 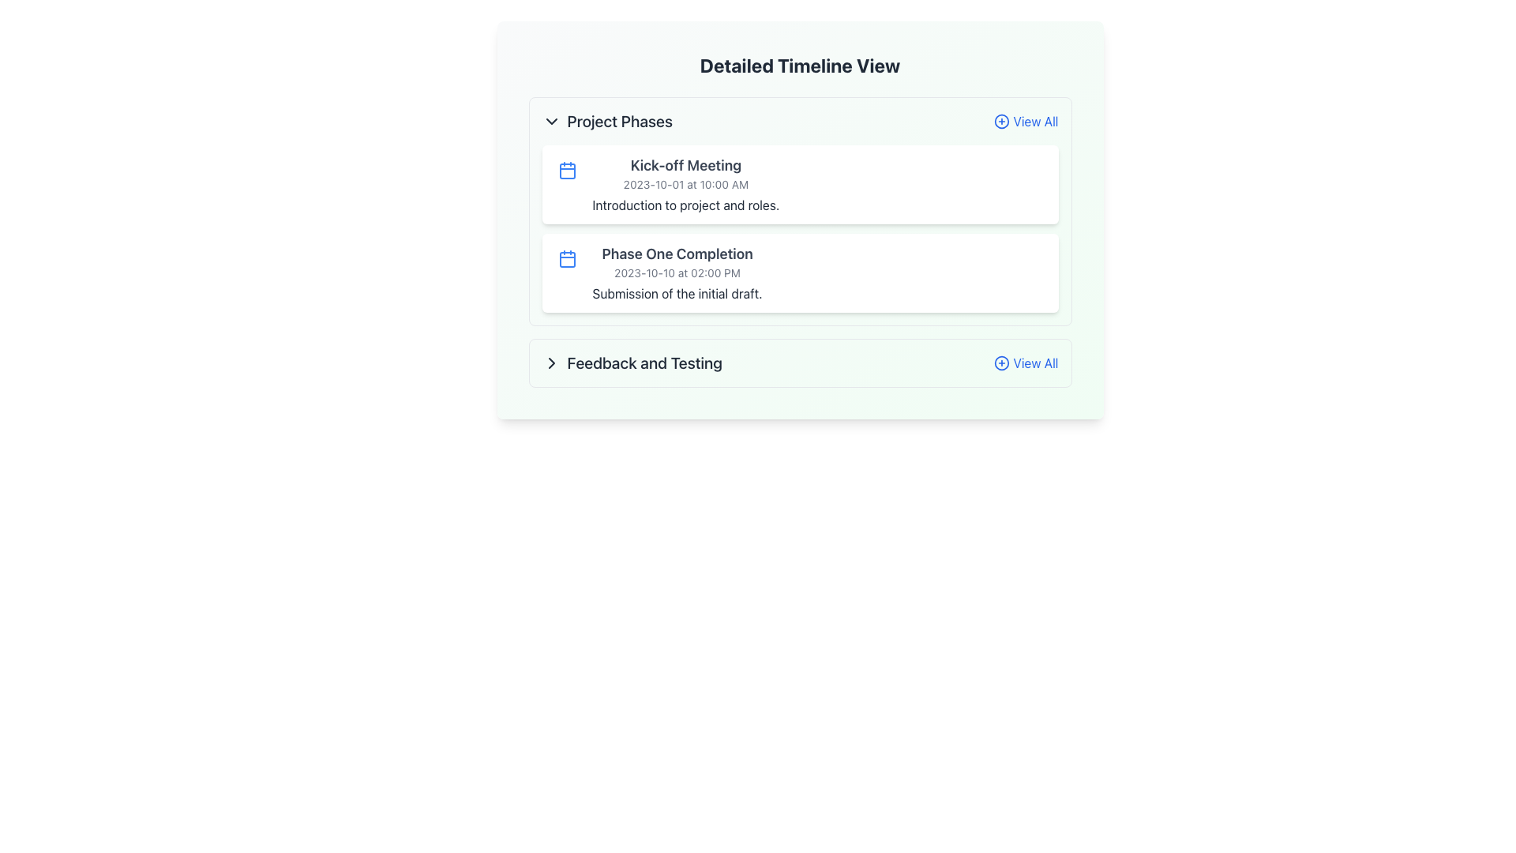 I want to click on the informational block titled 'Kick-off Meeting' which contains the date '2023-10-01 at 10:00 AM' and the description 'Introduction to project and roles.' located in the 'Project Phases' section, so click(x=685, y=184).